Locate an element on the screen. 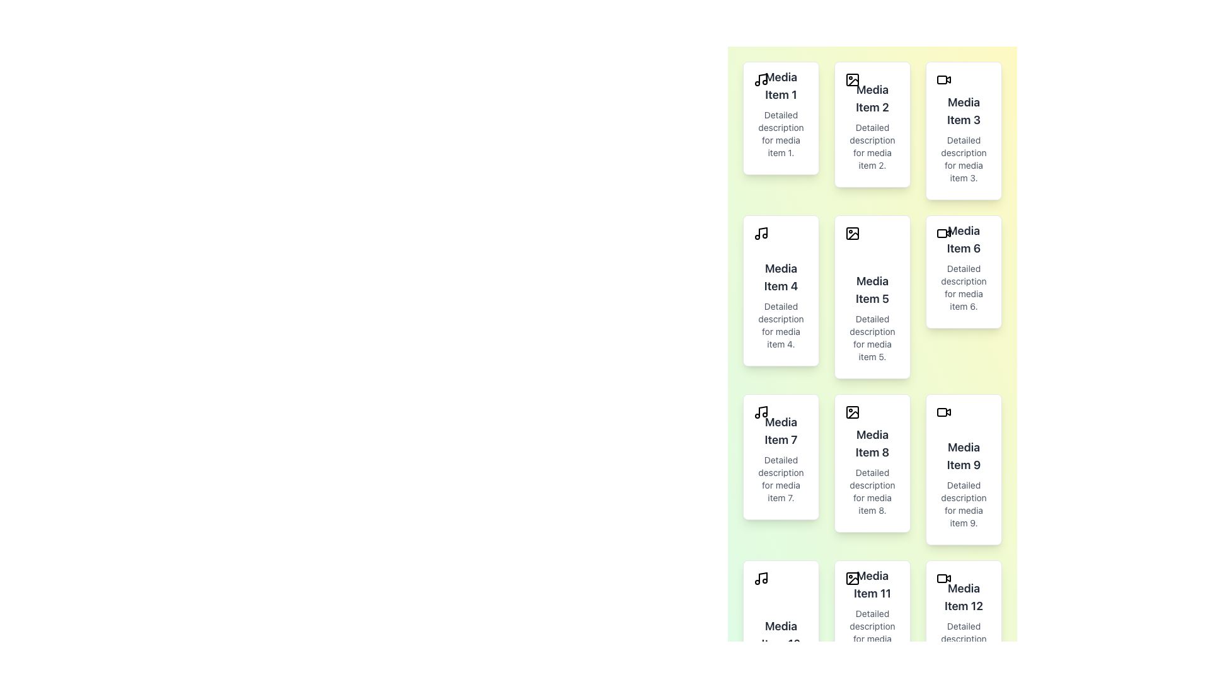  the text label that reads 'Media Item 12', which is prominently styled in a larger, bold, dark-gray font located inside a white card with a light-green gradient background in the bottom-right corner of the grid is located at coordinates (963, 596).